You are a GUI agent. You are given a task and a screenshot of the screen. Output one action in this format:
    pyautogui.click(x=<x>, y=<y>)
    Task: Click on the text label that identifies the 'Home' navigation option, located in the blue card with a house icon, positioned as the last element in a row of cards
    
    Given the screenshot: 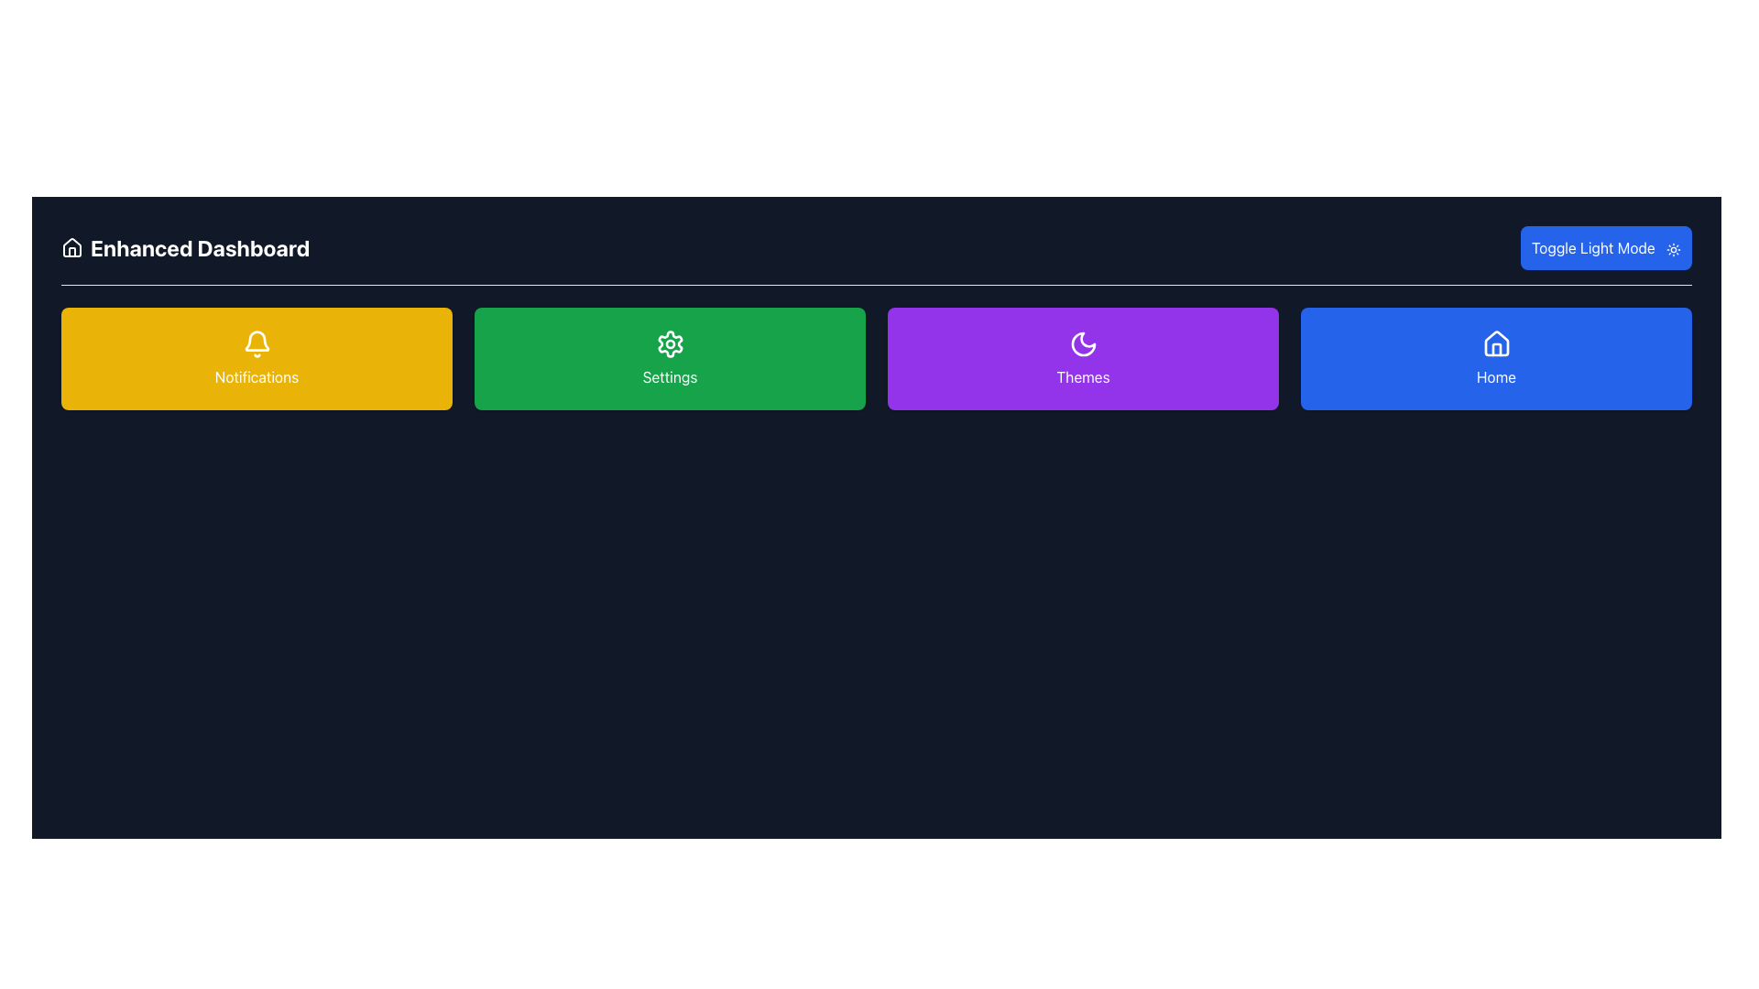 What is the action you would take?
    pyautogui.click(x=1496, y=376)
    